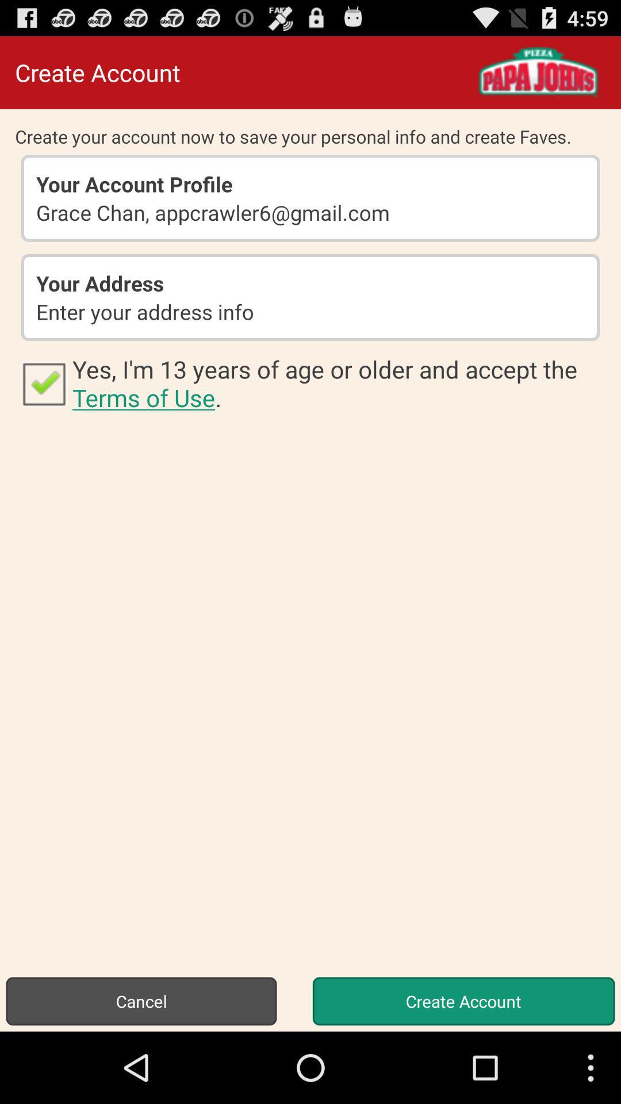 The width and height of the screenshot is (621, 1104). Describe the element at coordinates (141, 1000) in the screenshot. I see `the cancel icon` at that location.